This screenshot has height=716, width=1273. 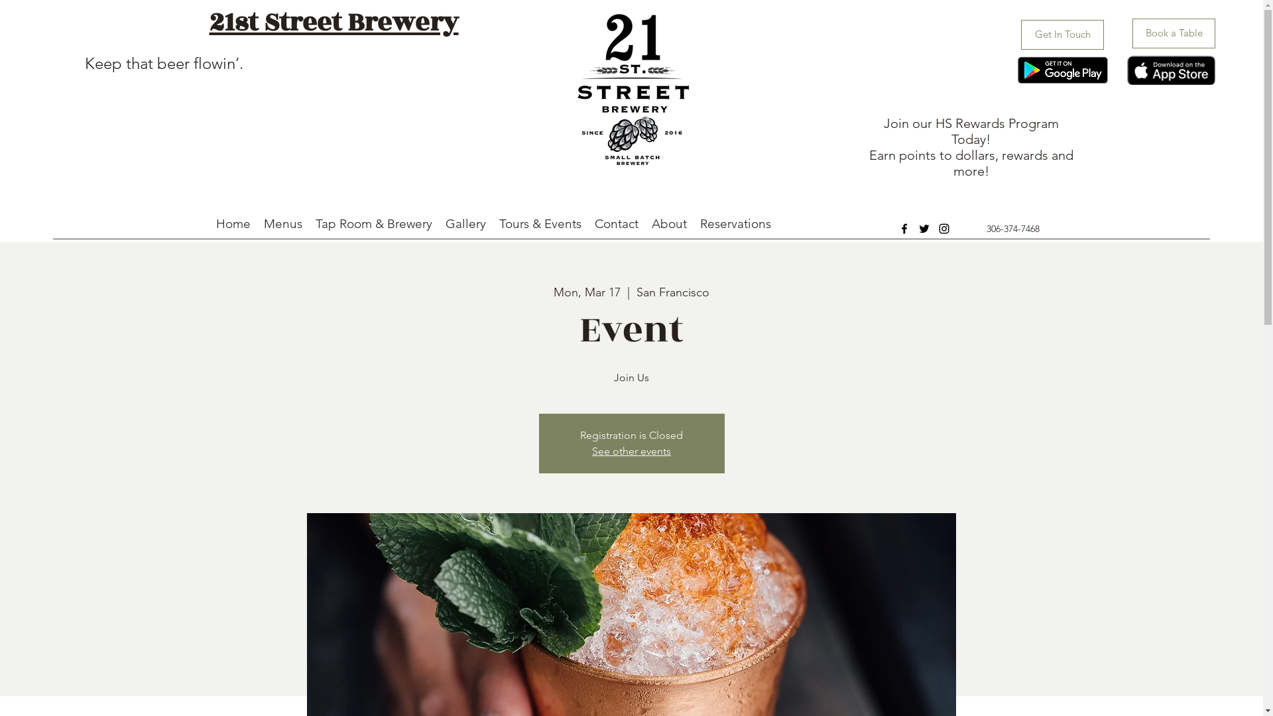 I want to click on 'Menus', so click(x=282, y=223).